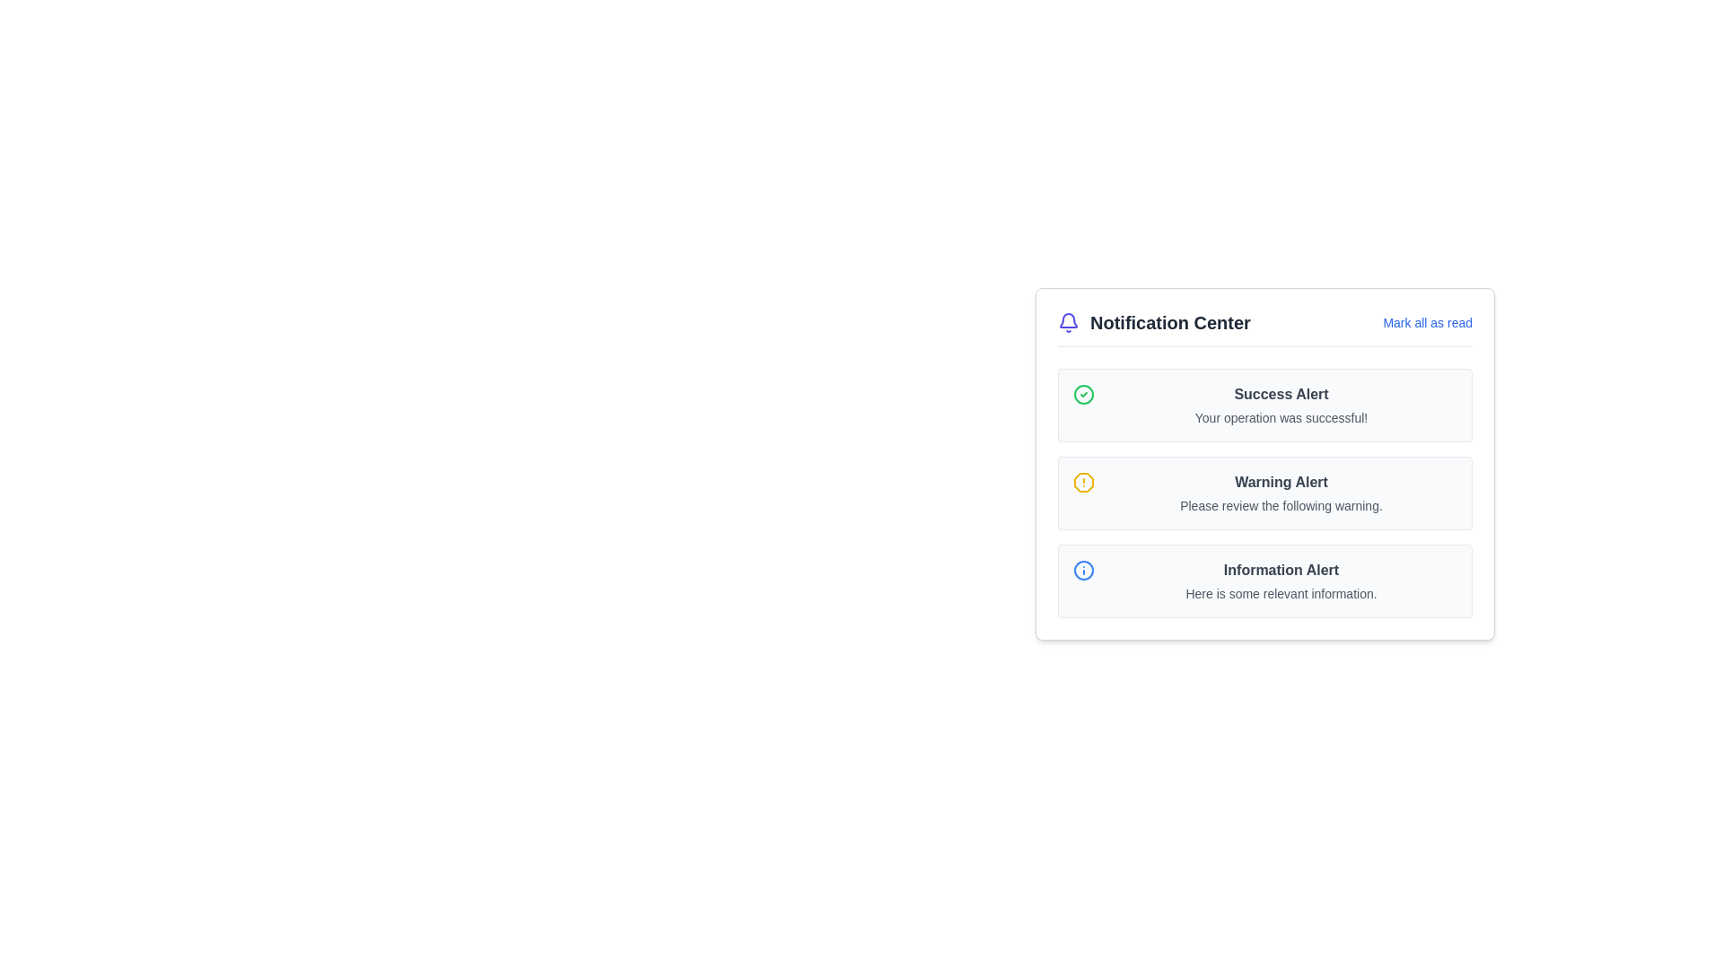 This screenshot has width=1723, height=969. I want to click on the warning alert icon located to the left of the text 'Warning Alert' in the notification list, so click(1083, 481).